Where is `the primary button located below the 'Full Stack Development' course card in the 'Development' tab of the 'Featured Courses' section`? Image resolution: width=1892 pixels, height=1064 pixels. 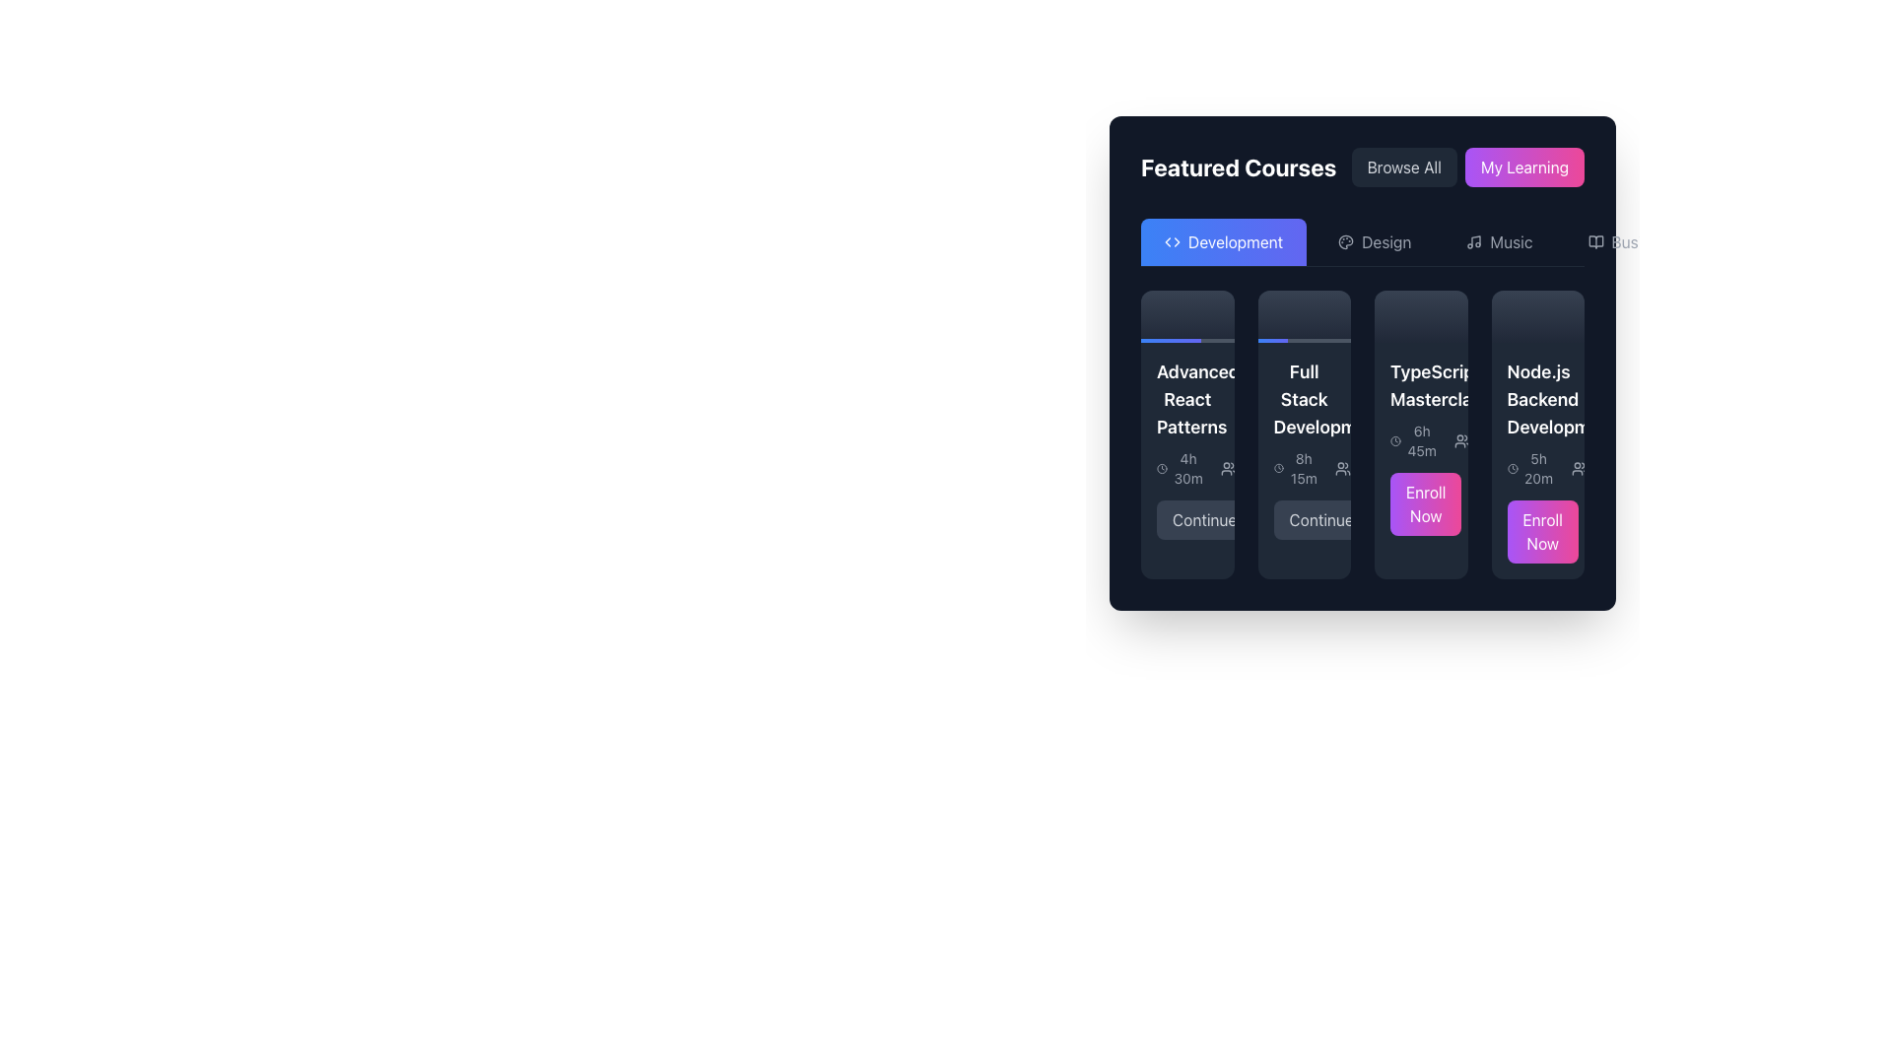 the primary button located below the 'Full Stack Development' course card in the 'Development' tab of the 'Featured Courses' section is located at coordinates (1321, 519).